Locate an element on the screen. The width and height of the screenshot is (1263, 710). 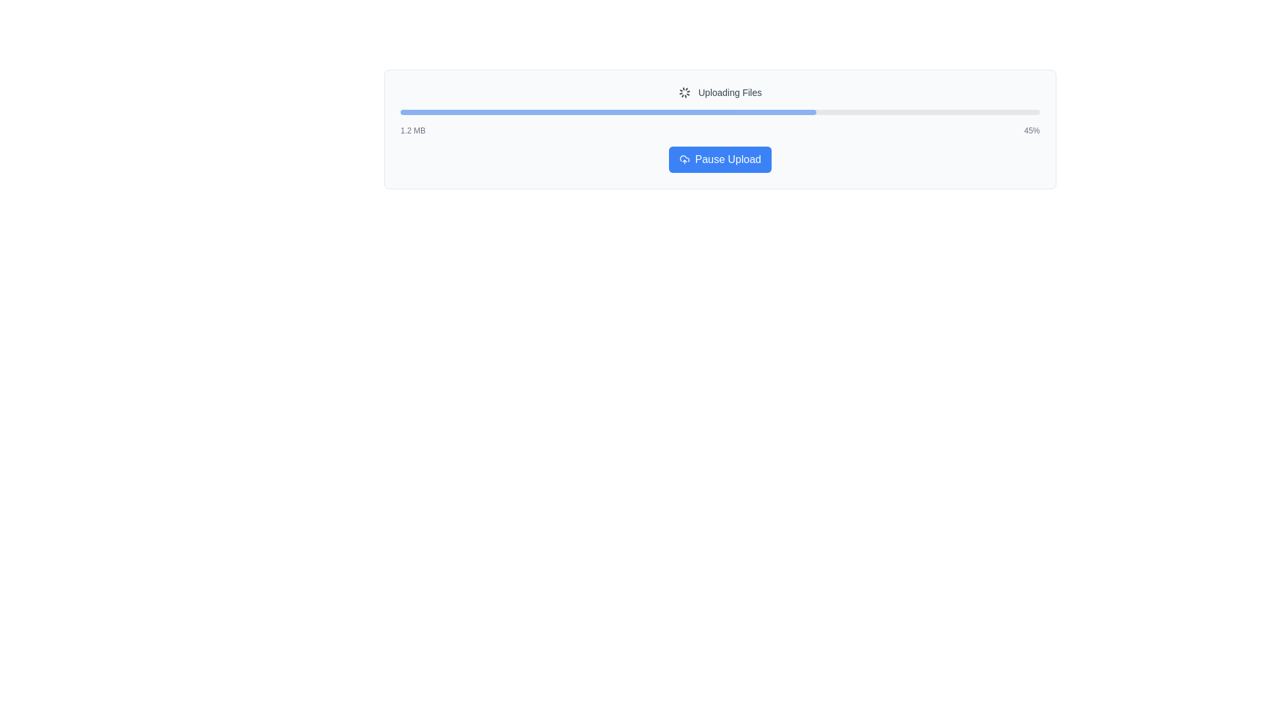
the 'Uploading Files' status indicator text is located at coordinates (719, 92).